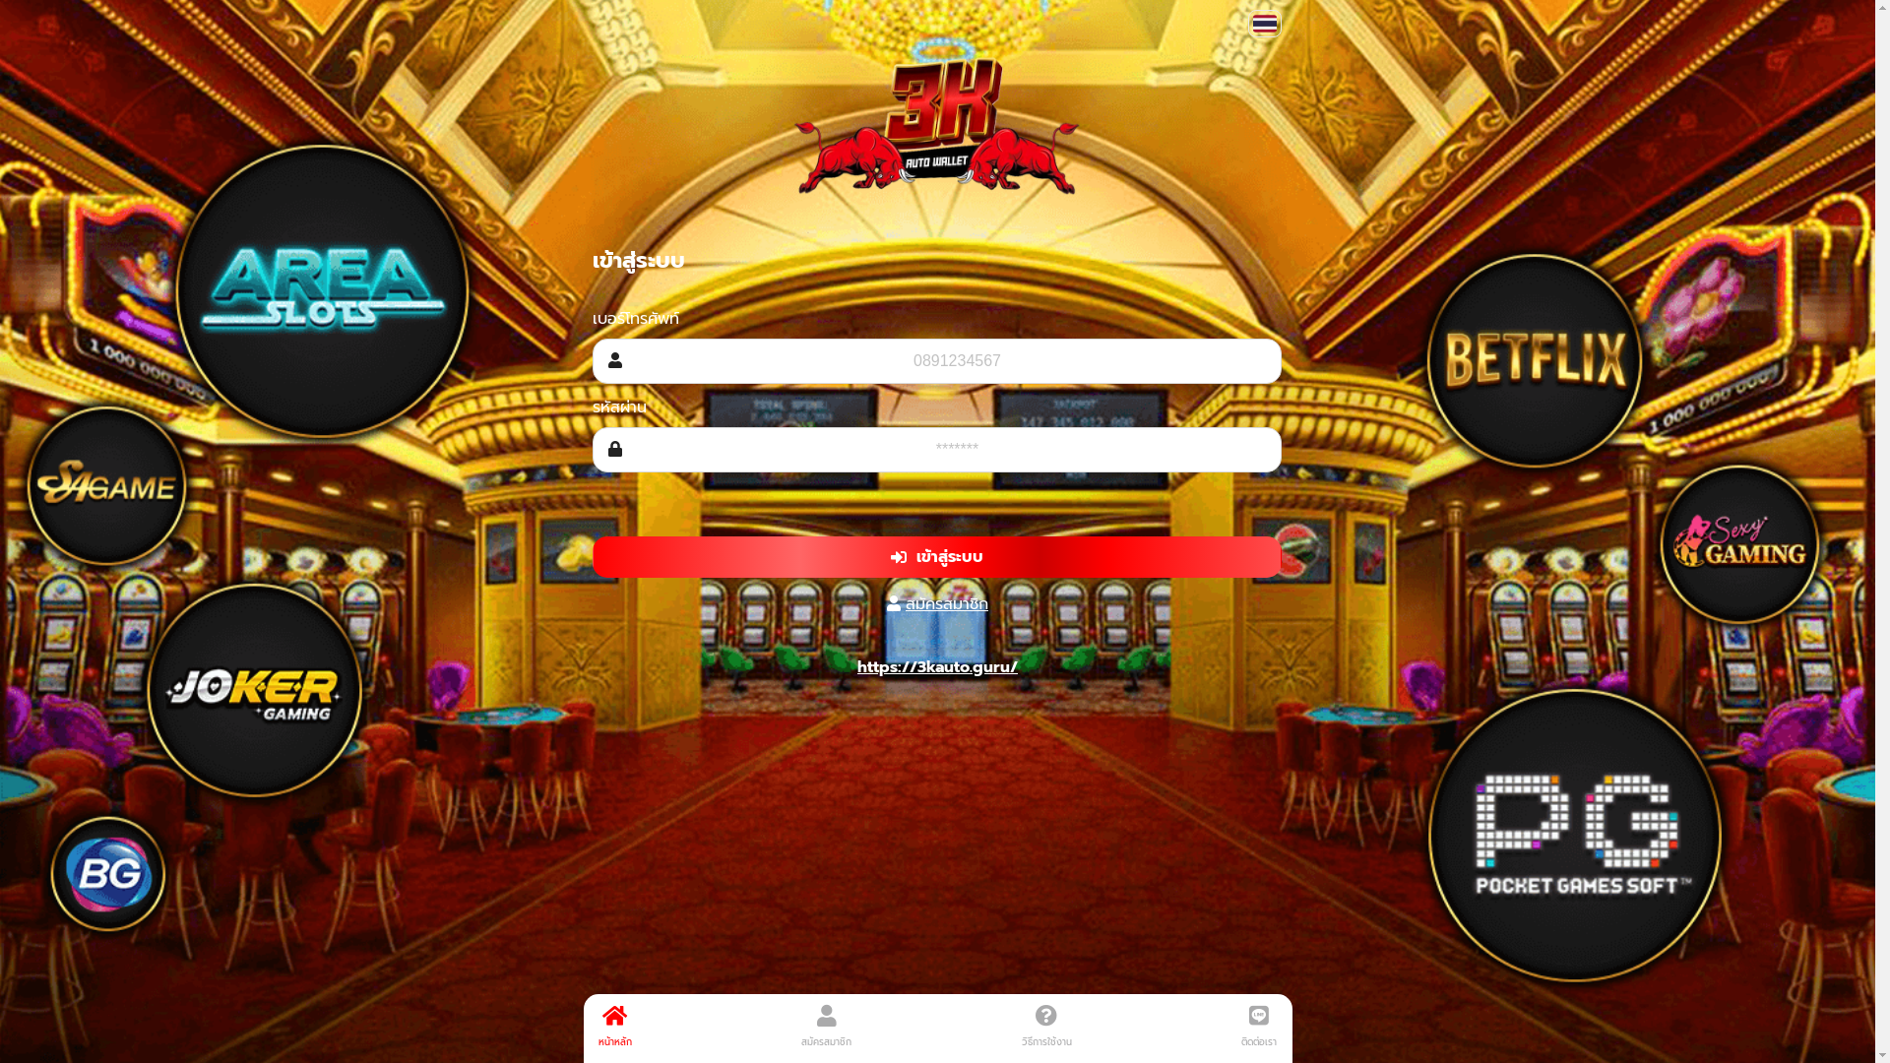  What do you see at coordinates (936, 666) in the screenshot?
I see `'https://3kauto.guru/'` at bounding box center [936, 666].